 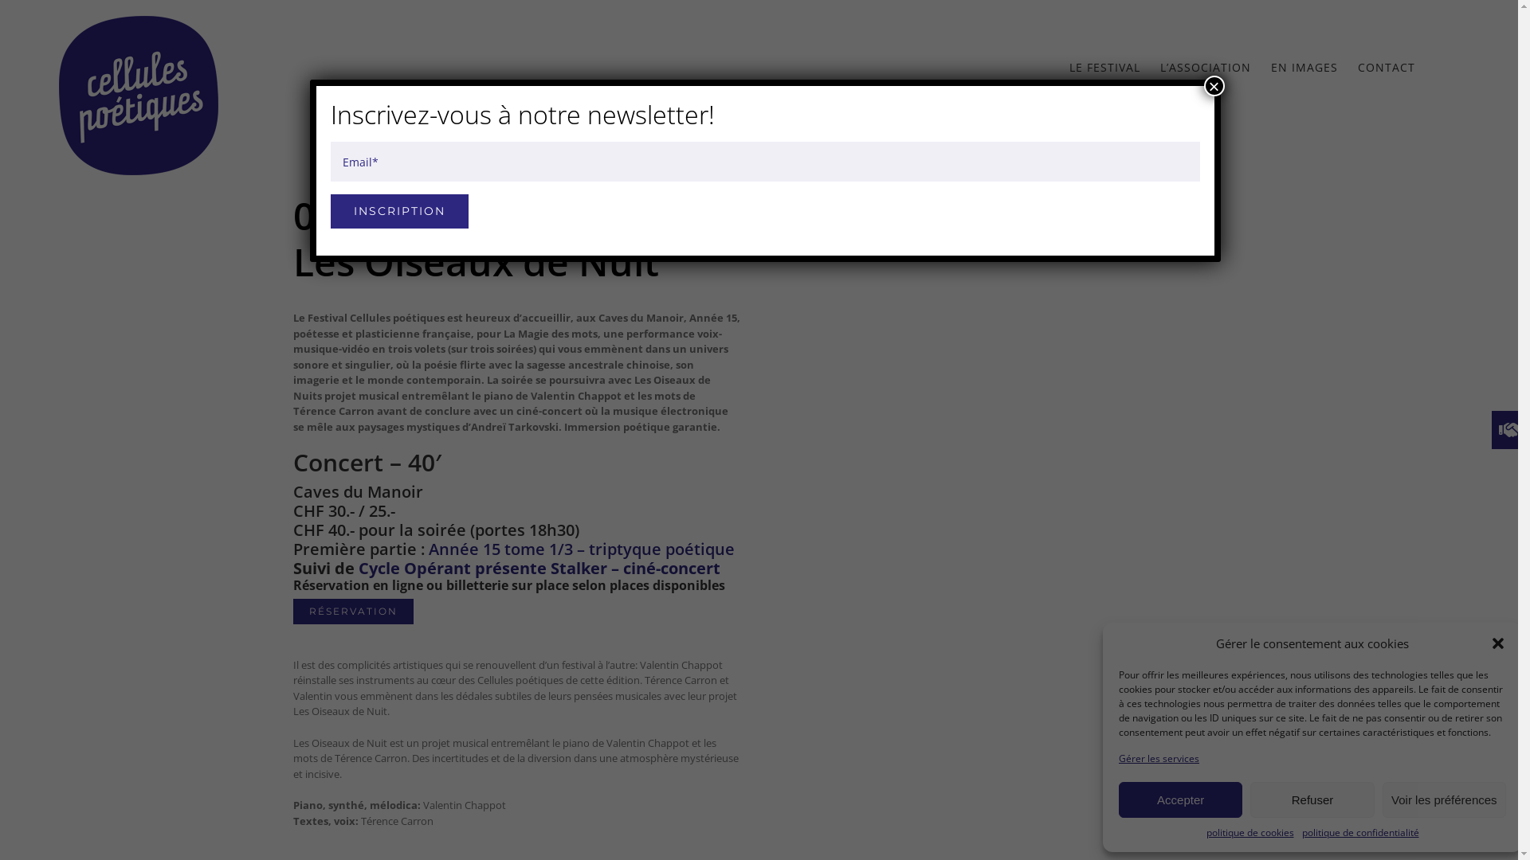 What do you see at coordinates (1304, 66) in the screenshot?
I see `'EN IMAGES'` at bounding box center [1304, 66].